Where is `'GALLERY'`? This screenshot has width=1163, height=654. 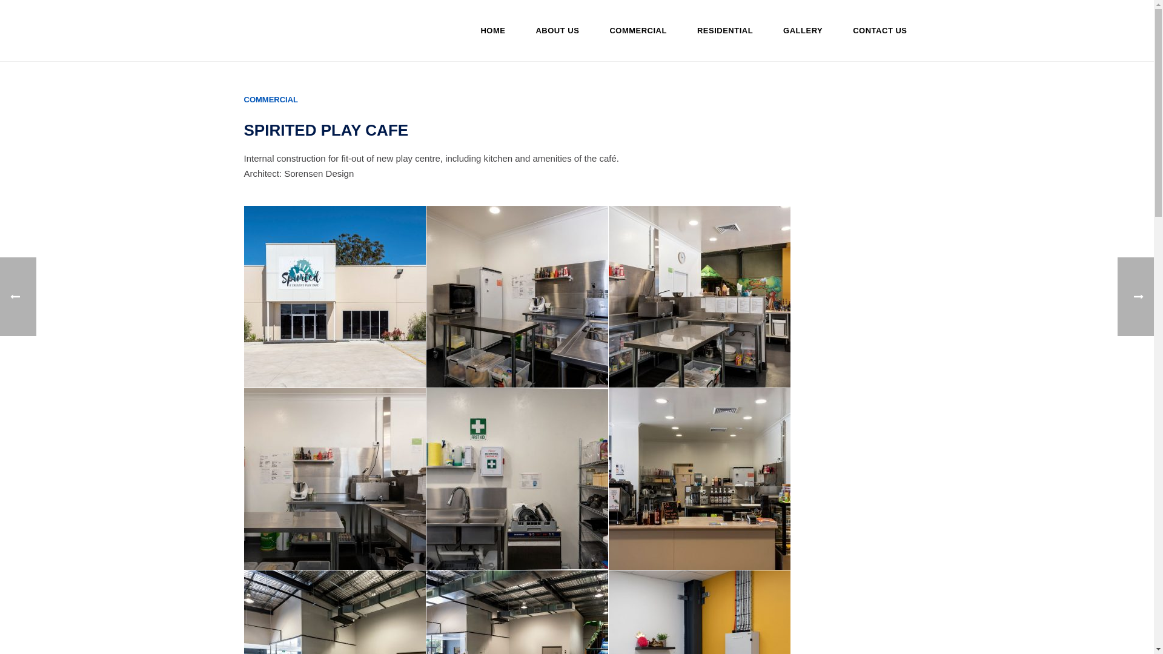
'GALLERY' is located at coordinates (767, 30).